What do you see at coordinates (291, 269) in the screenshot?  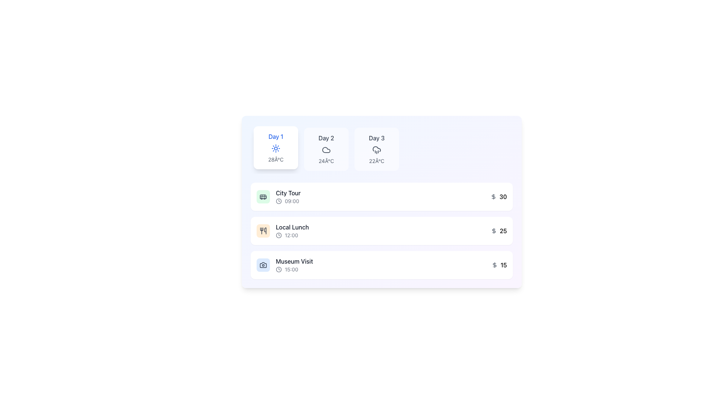 I see `the text label displaying '15:00', located at the bottom-right corner of the 'Museum Visit' section for accessibility tools` at bounding box center [291, 269].